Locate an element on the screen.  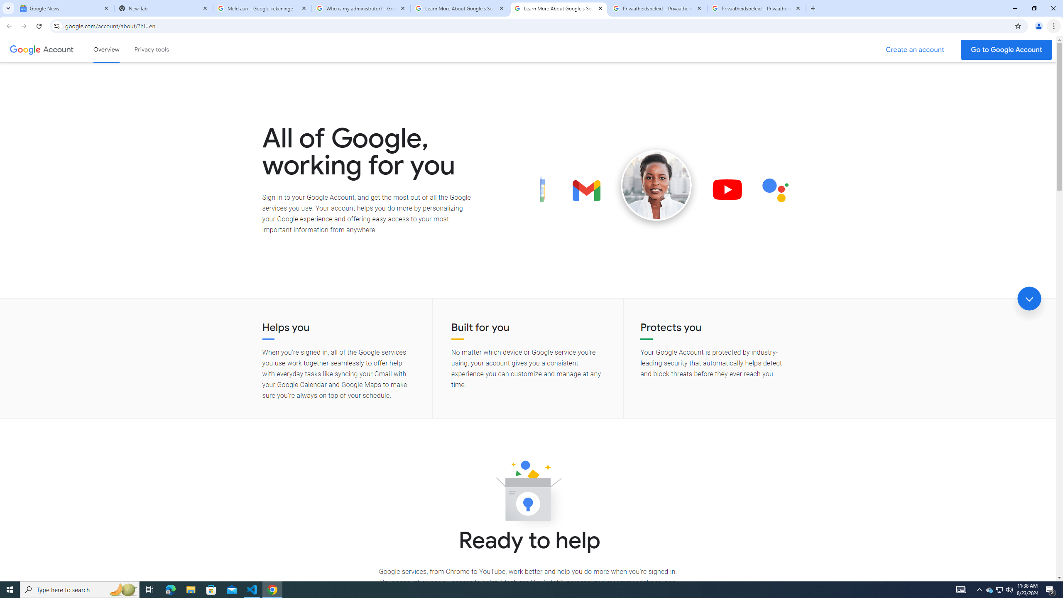
'Reload' is located at coordinates (39, 26).